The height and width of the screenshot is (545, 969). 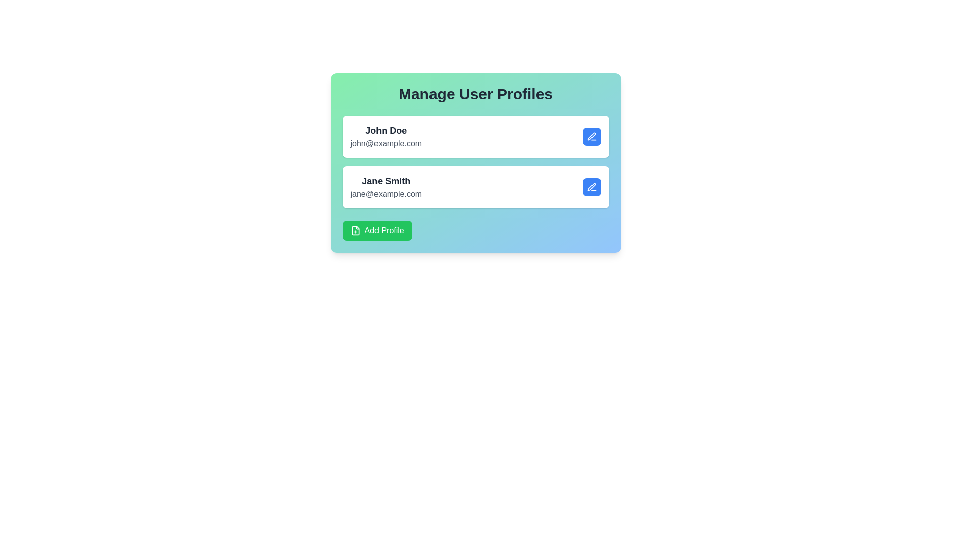 What do you see at coordinates (355, 230) in the screenshot?
I see `the rectangular icon resembling a document with a green background and a '+' mark, which is part of the 'Add Profile' button located at the bottom-left corner of the user profile management card` at bounding box center [355, 230].